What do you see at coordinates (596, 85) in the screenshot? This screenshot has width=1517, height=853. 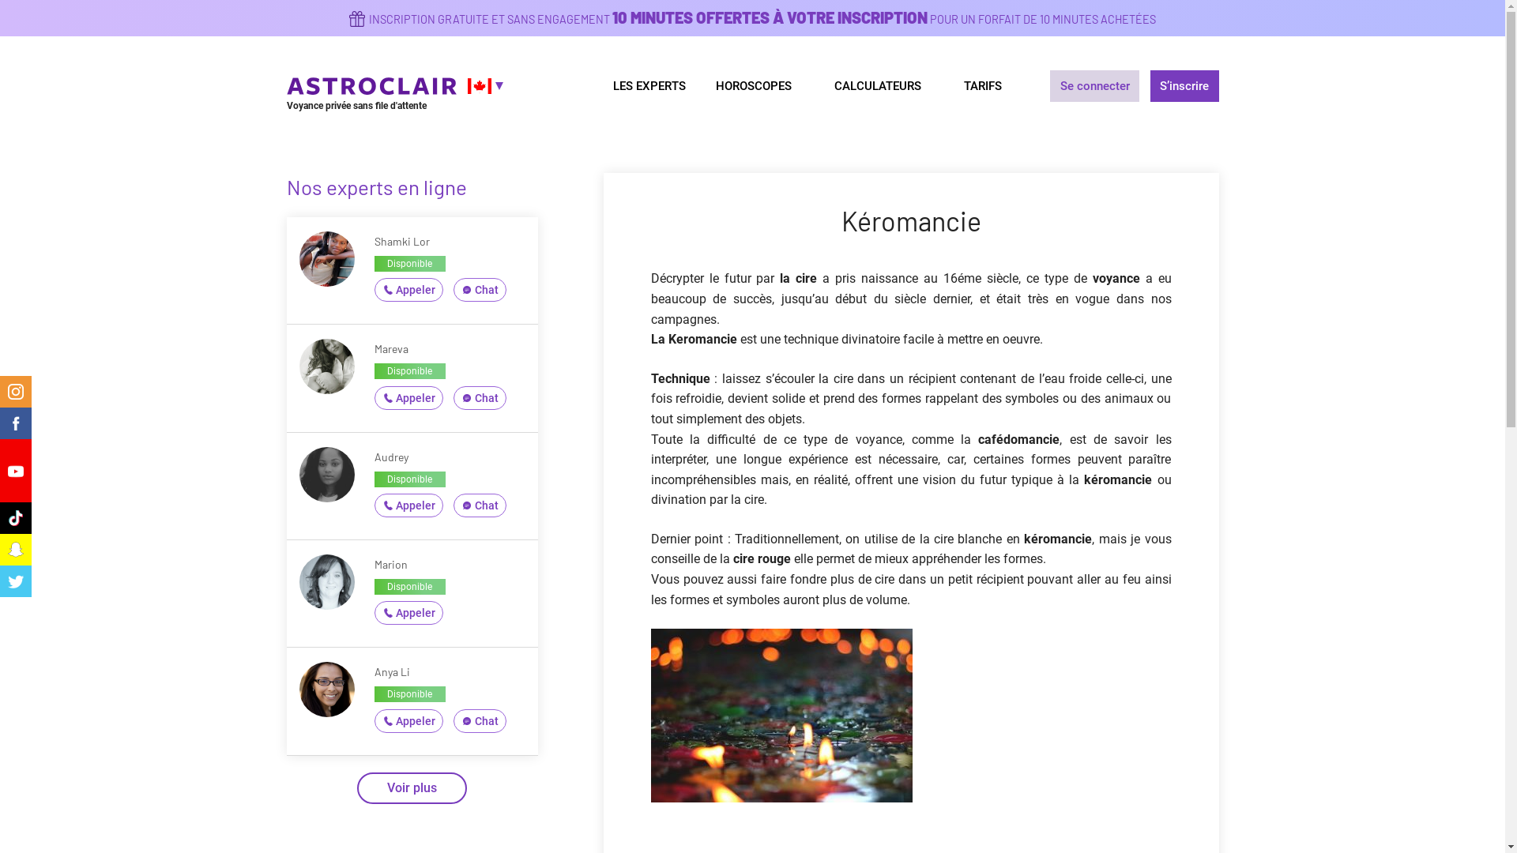 I see `'LES EXPERTS'` at bounding box center [596, 85].